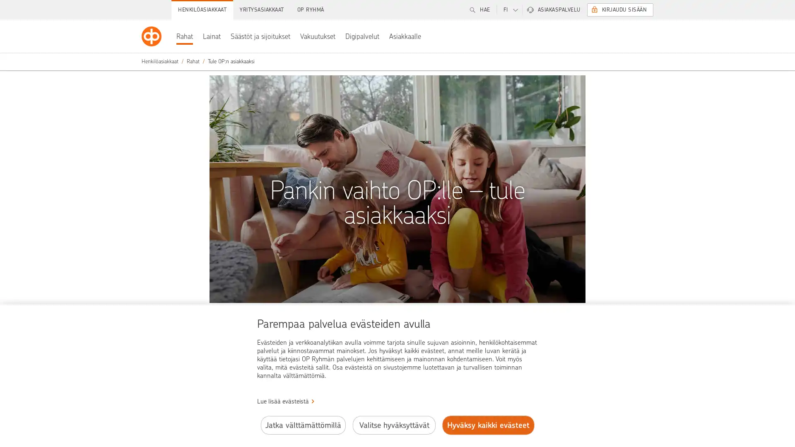 This screenshot has height=447, width=795. I want to click on KIRJAUDU SISAAN, so click(620, 10).